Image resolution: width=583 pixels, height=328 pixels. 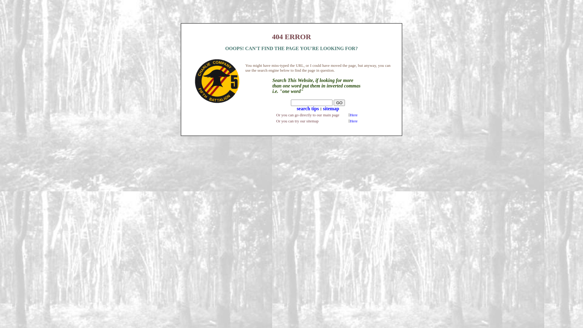 What do you see at coordinates (353, 121) in the screenshot?
I see `'Here'` at bounding box center [353, 121].